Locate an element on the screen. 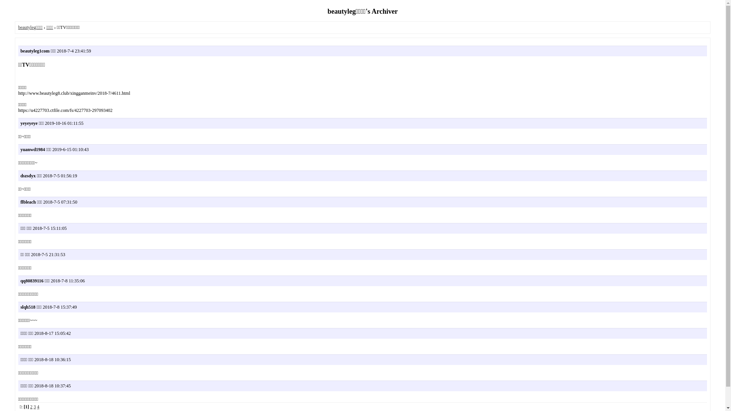  '2' is located at coordinates (30, 406).